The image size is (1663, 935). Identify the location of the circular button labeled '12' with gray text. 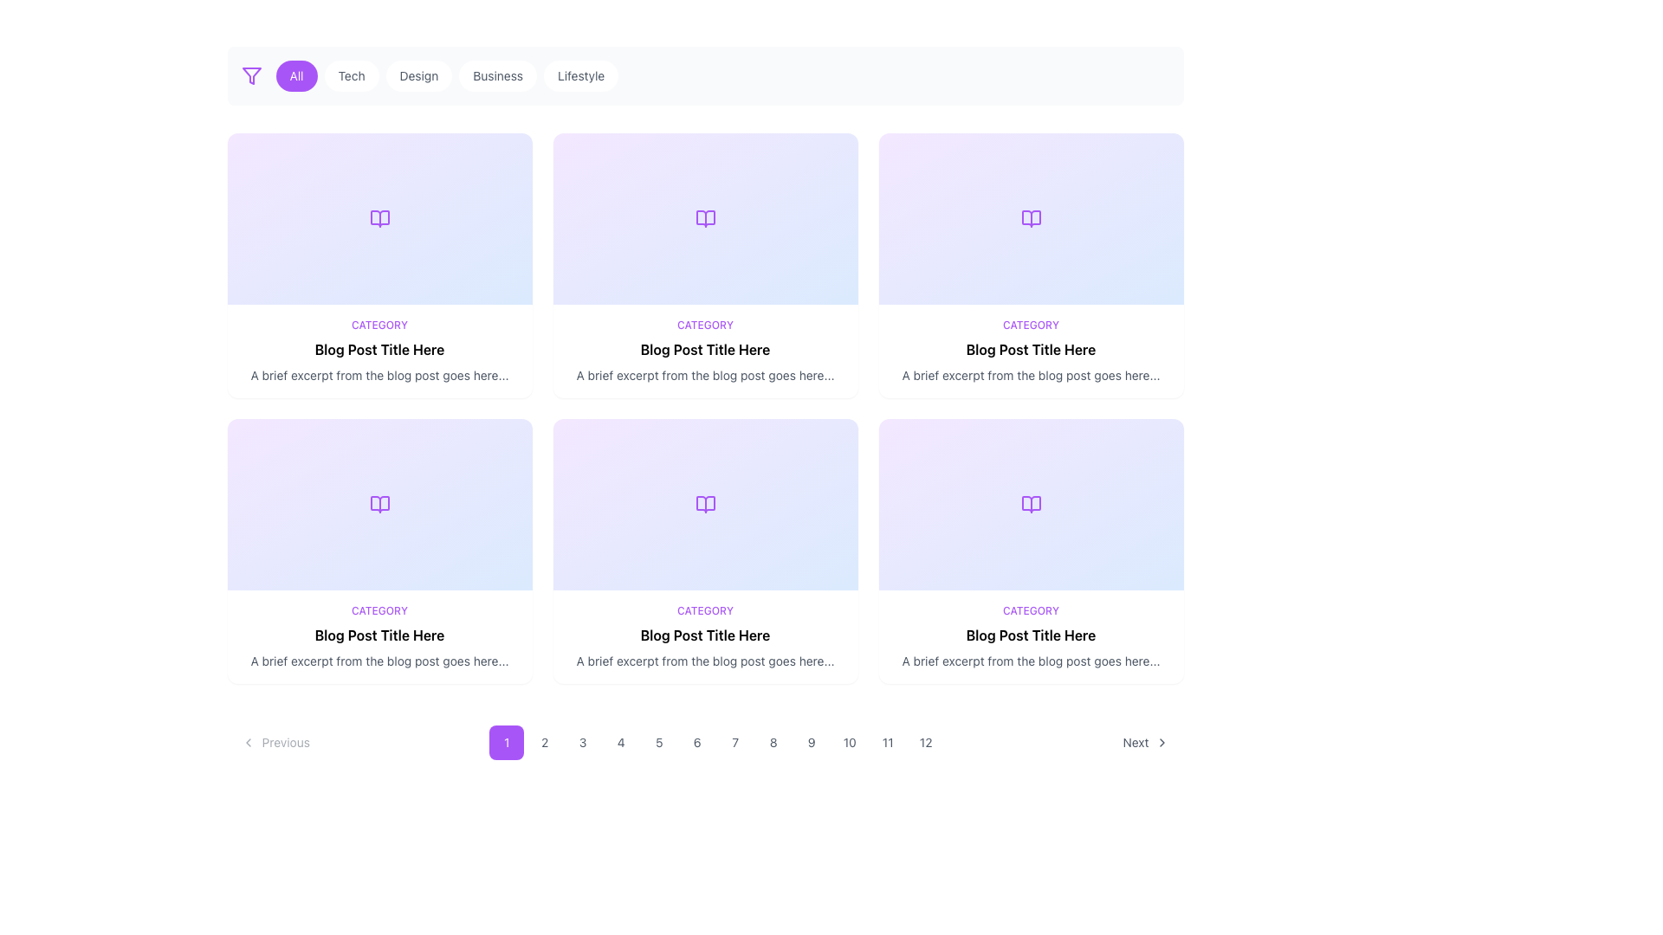
(925, 741).